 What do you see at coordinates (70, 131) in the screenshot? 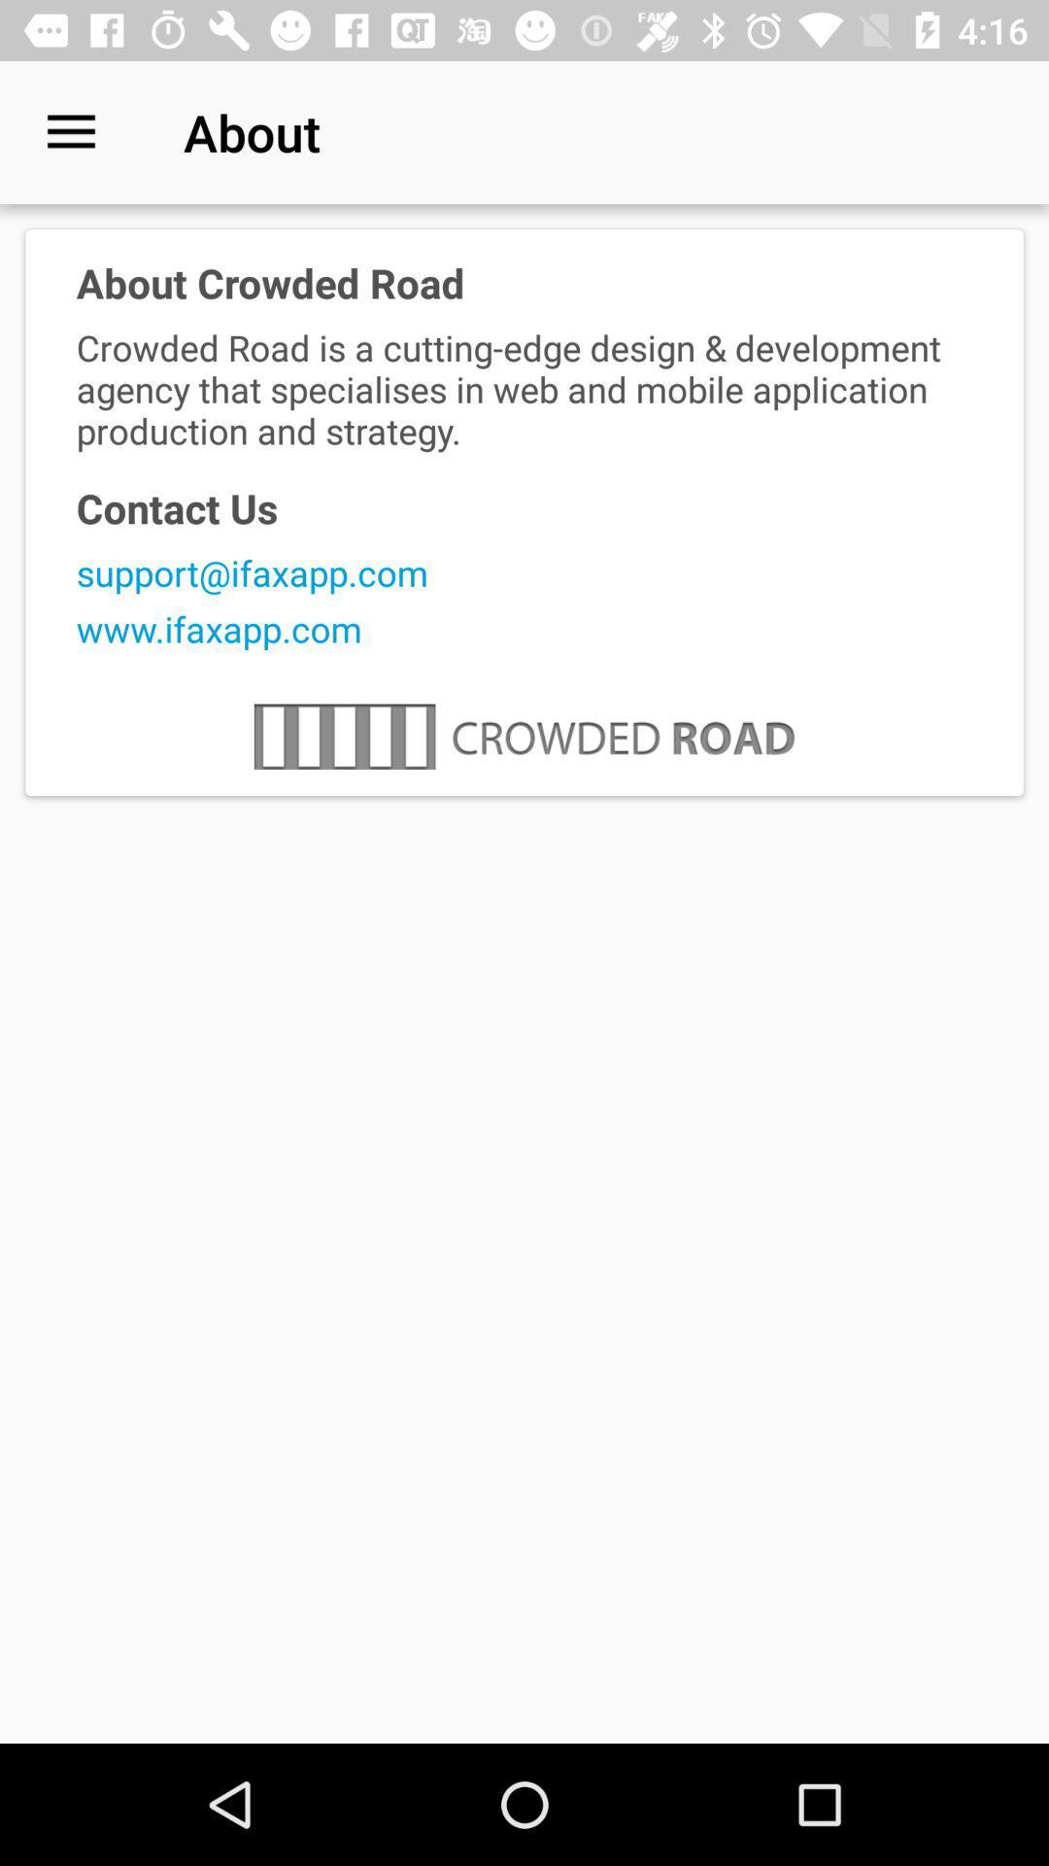
I see `icon above the about crowded road icon` at bounding box center [70, 131].